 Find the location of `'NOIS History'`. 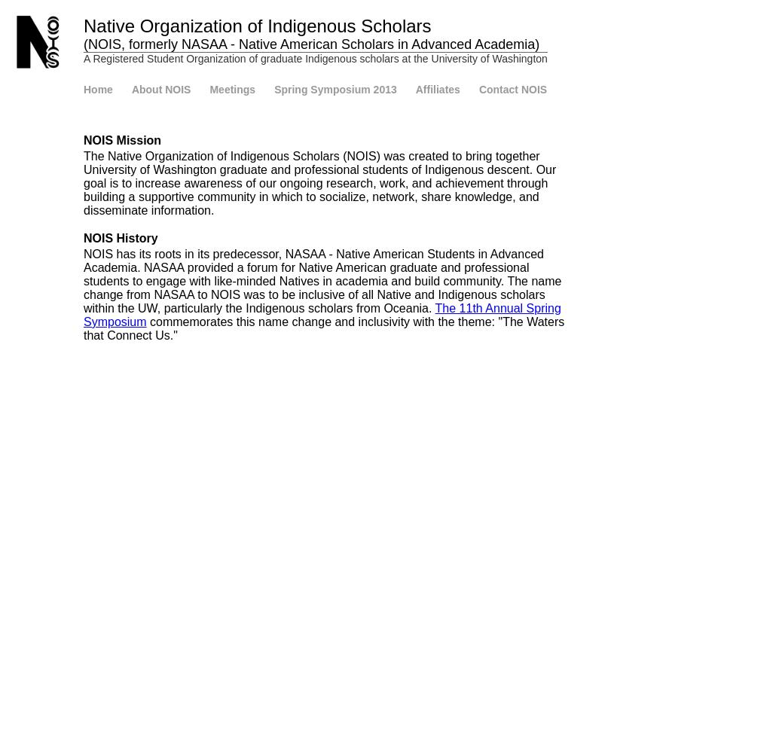

'NOIS History' is located at coordinates (82, 237).